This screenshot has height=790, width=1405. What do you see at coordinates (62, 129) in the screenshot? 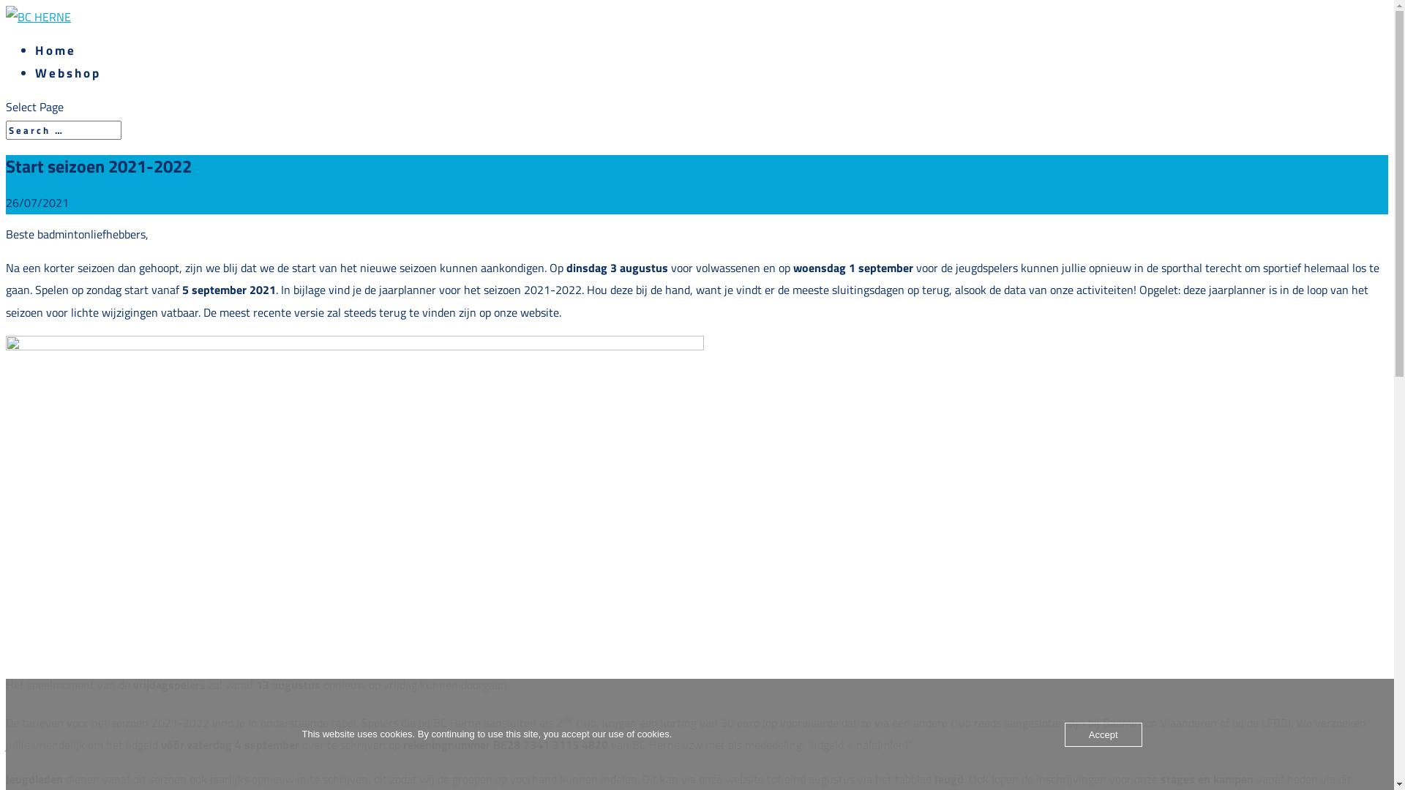
I see `'Search for:'` at bounding box center [62, 129].